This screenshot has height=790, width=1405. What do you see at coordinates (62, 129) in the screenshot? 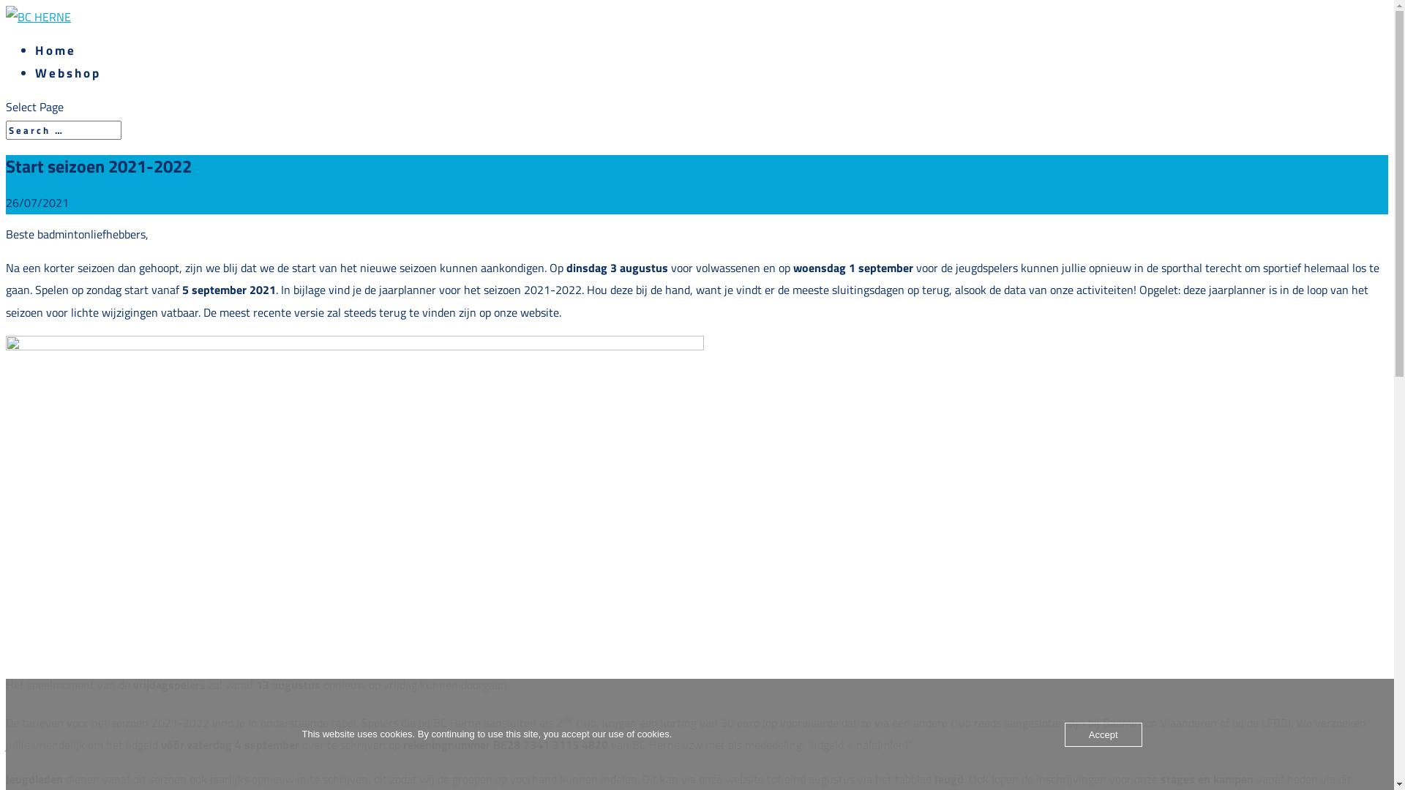
I see `'Search for:'` at bounding box center [62, 129].